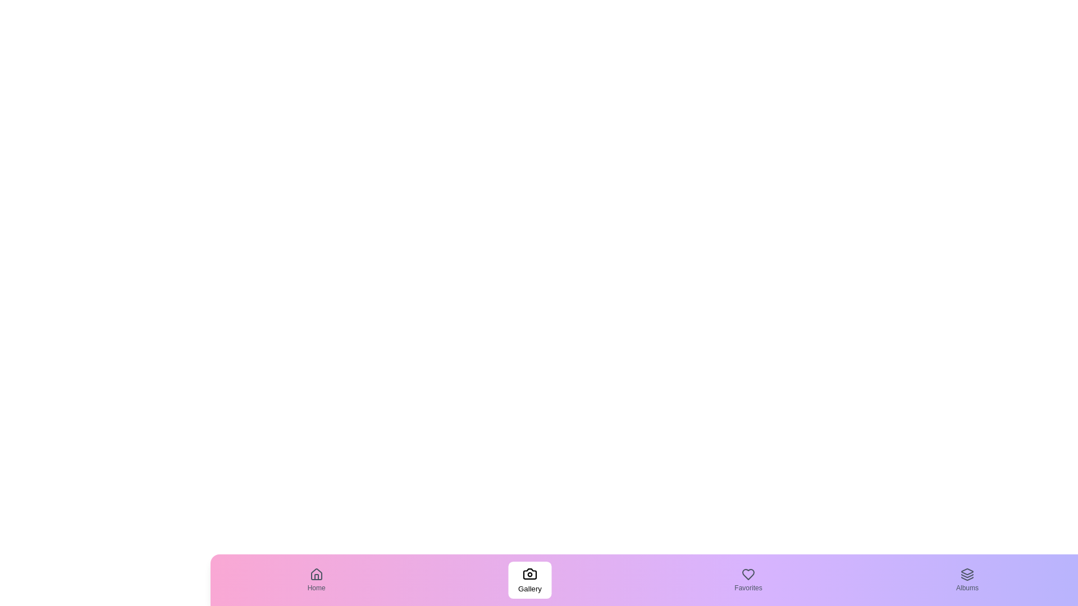 This screenshot has width=1078, height=606. Describe the element at coordinates (316, 580) in the screenshot. I see `the tab labeled Home to observe its hover effect` at that location.